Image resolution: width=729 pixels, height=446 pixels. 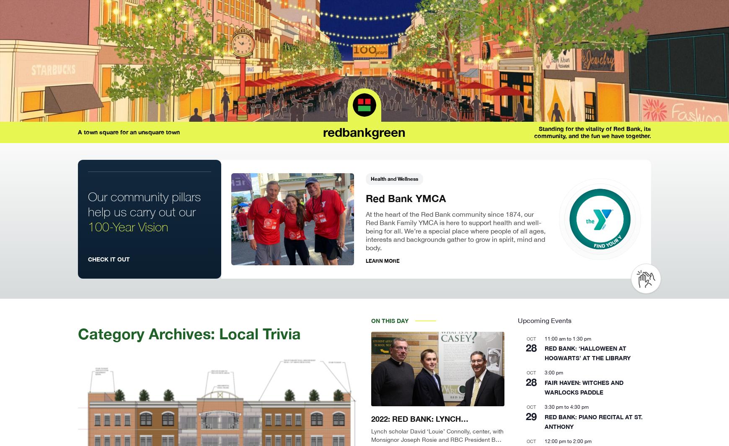 What do you see at coordinates (129, 132) in the screenshot?
I see `'A town square for an unsquare town'` at bounding box center [129, 132].